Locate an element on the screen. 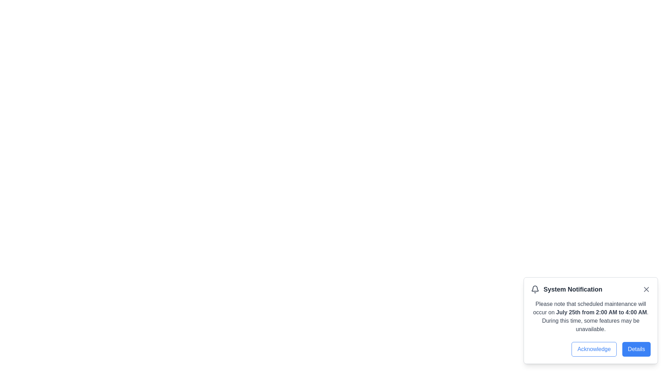  the Close button located in the top-right corner of the notification modal is located at coordinates (646, 289).